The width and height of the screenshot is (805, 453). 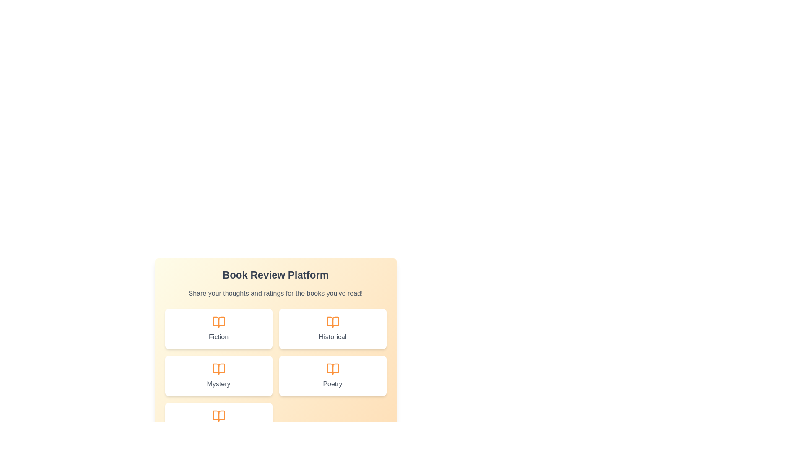 What do you see at coordinates (332, 321) in the screenshot?
I see `the 'Historical' genre icon located in the second column of the first row under the 'Book Review Platform' title` at bounding box center [332, 321].